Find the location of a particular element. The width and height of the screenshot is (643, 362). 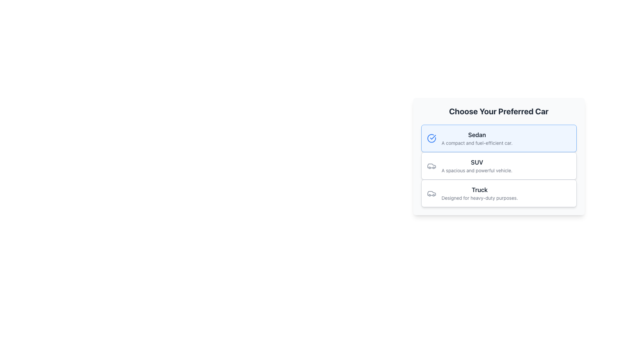

the centered header text reading 'Choose Your Preferred Car', which is styled with a bold font and dark gray color, located at the top of the car selection options is located at coordinates (499, 111).